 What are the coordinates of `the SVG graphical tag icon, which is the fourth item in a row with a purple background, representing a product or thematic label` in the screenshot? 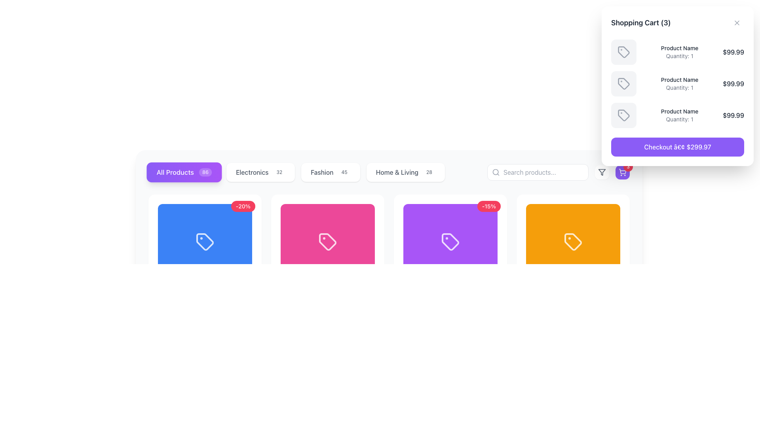 It's located at (450, 242).